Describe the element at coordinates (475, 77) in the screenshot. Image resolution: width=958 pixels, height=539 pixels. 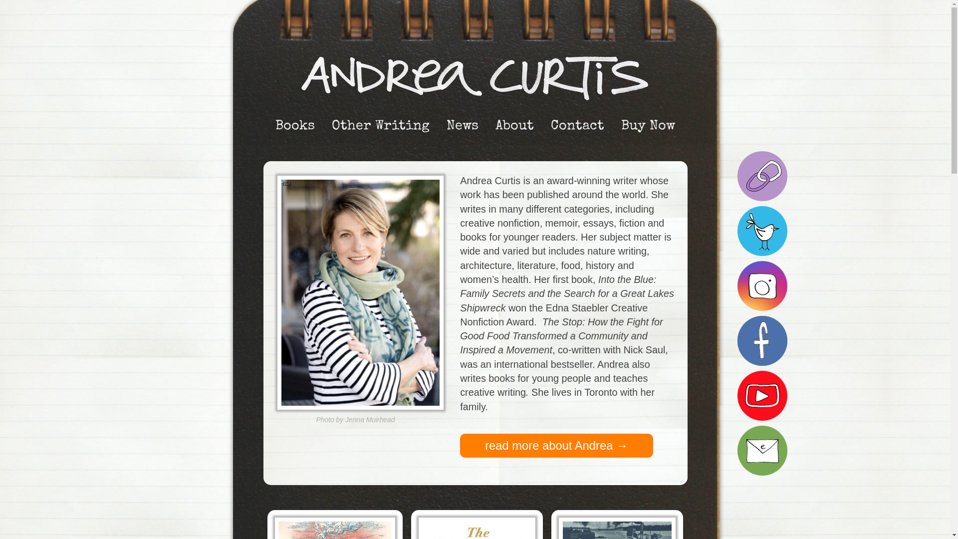
I see `'Andrea Curtis'` at that location.